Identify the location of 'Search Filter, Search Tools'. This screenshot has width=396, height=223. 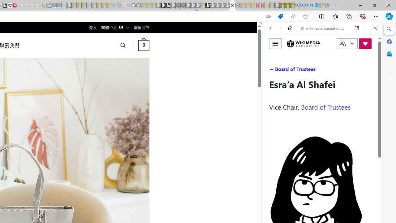
(338, 70).